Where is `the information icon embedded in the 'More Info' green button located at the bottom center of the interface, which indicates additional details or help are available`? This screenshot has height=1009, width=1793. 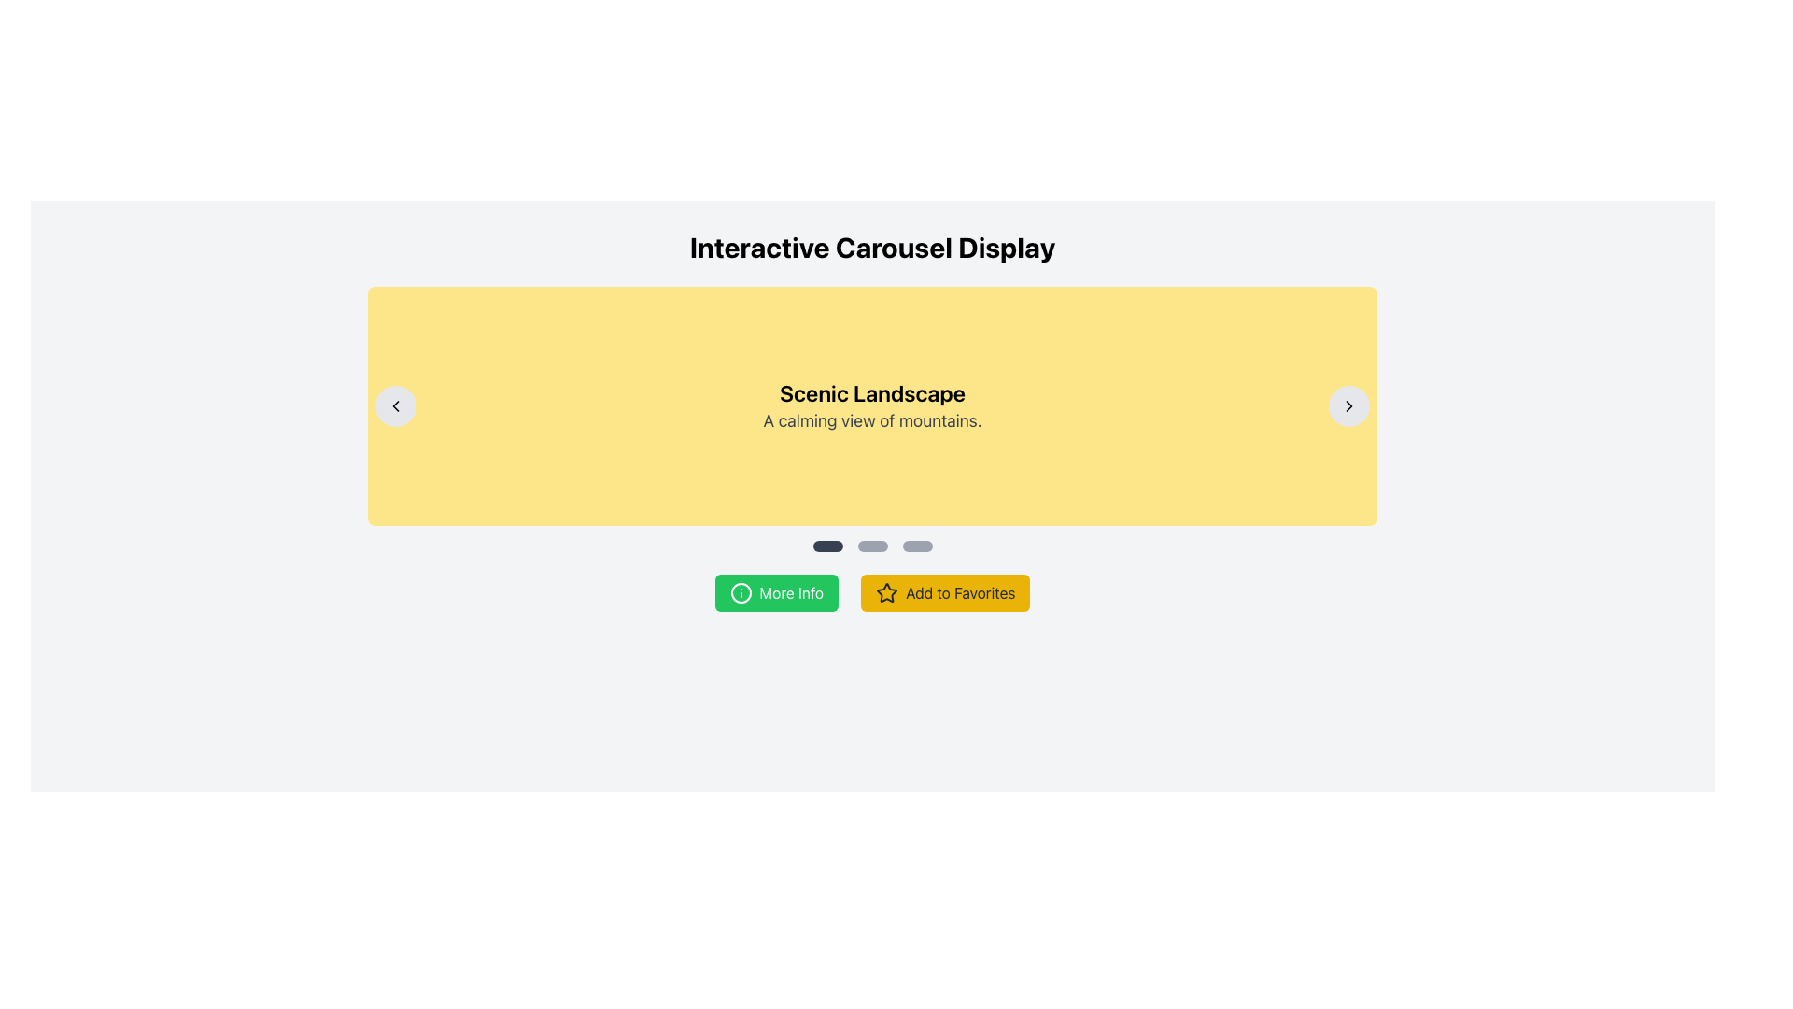
the information icon embedded in the 'More Info' green button located at the bottom center of the interface, which indicates additional details or help are available is located at coordinates (740, 593).